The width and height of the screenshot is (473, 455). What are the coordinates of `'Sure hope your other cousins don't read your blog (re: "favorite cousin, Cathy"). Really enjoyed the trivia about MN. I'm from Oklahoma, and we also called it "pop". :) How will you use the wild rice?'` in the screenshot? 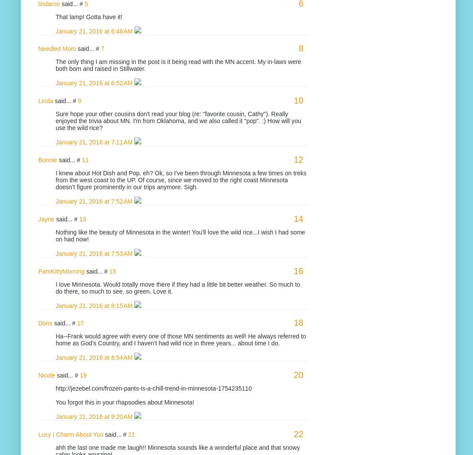 It's located at (178, 121).